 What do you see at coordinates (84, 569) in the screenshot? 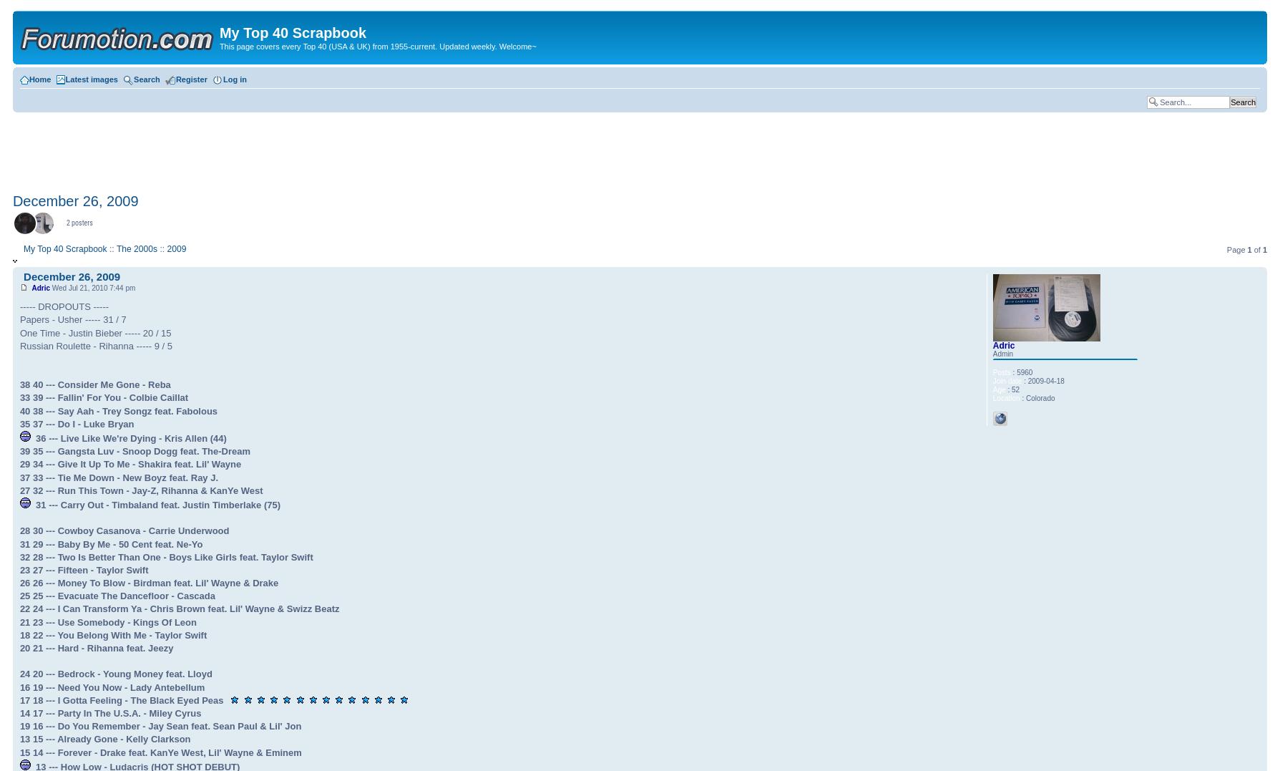
I see `'23 27 --- Fifteen - Taylor Swift'` at bounding box center [84, 569].